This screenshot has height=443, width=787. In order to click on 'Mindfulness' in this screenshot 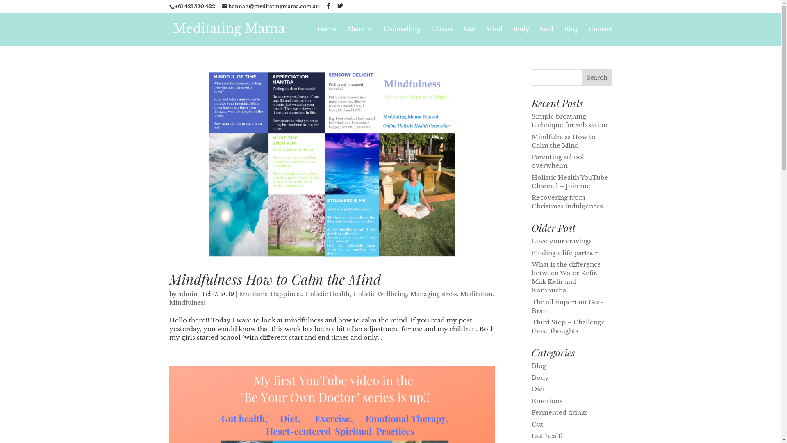, I will do `click(187, 302)`.